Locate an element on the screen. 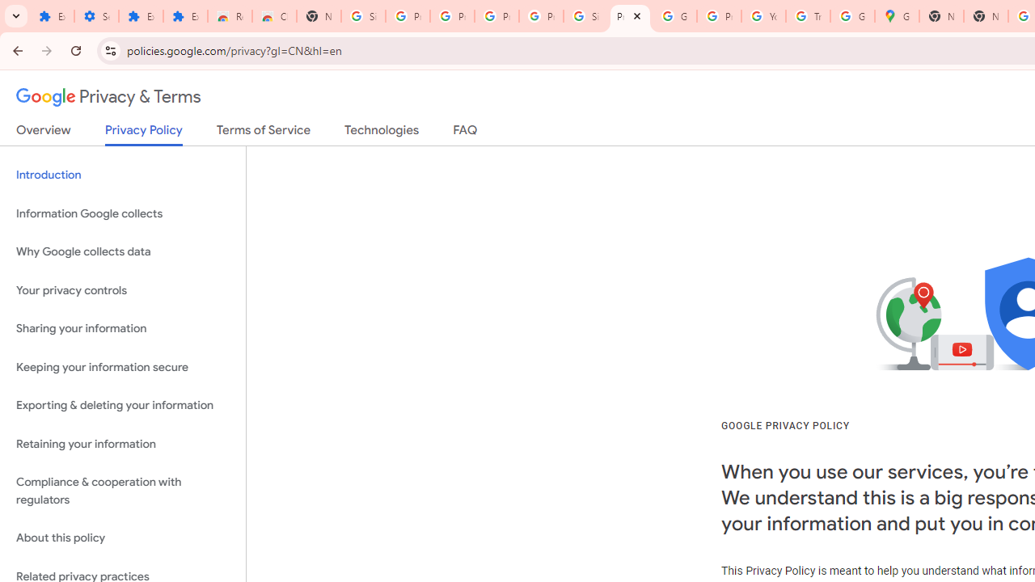 Image resolution: width=1035 pixels, height=582 pixels. 'New Tab' is located at coordinates (985, 16).